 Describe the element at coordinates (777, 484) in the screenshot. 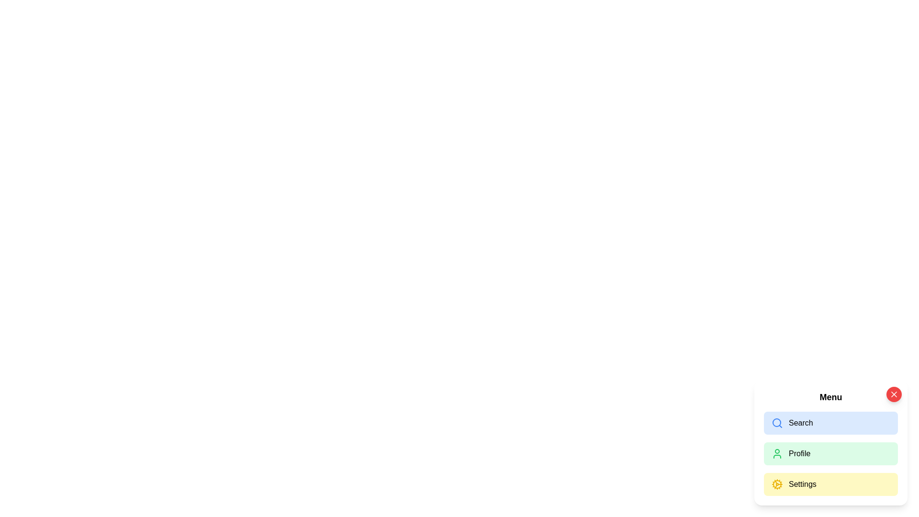

I see `the circular element with yellow colors and a red circular marking located within the cog-like icon near the 'Settings' label in the bottom row of the menu list` at that location.